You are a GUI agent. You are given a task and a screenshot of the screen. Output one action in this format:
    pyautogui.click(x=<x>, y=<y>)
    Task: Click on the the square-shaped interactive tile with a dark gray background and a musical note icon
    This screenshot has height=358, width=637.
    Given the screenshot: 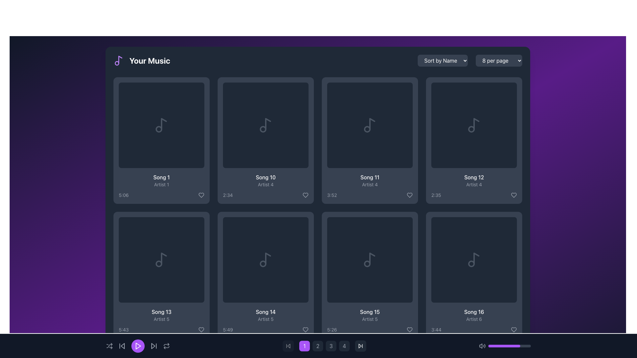 What is the action you would take?
    pyautogui.click(x=474, y=125)
    